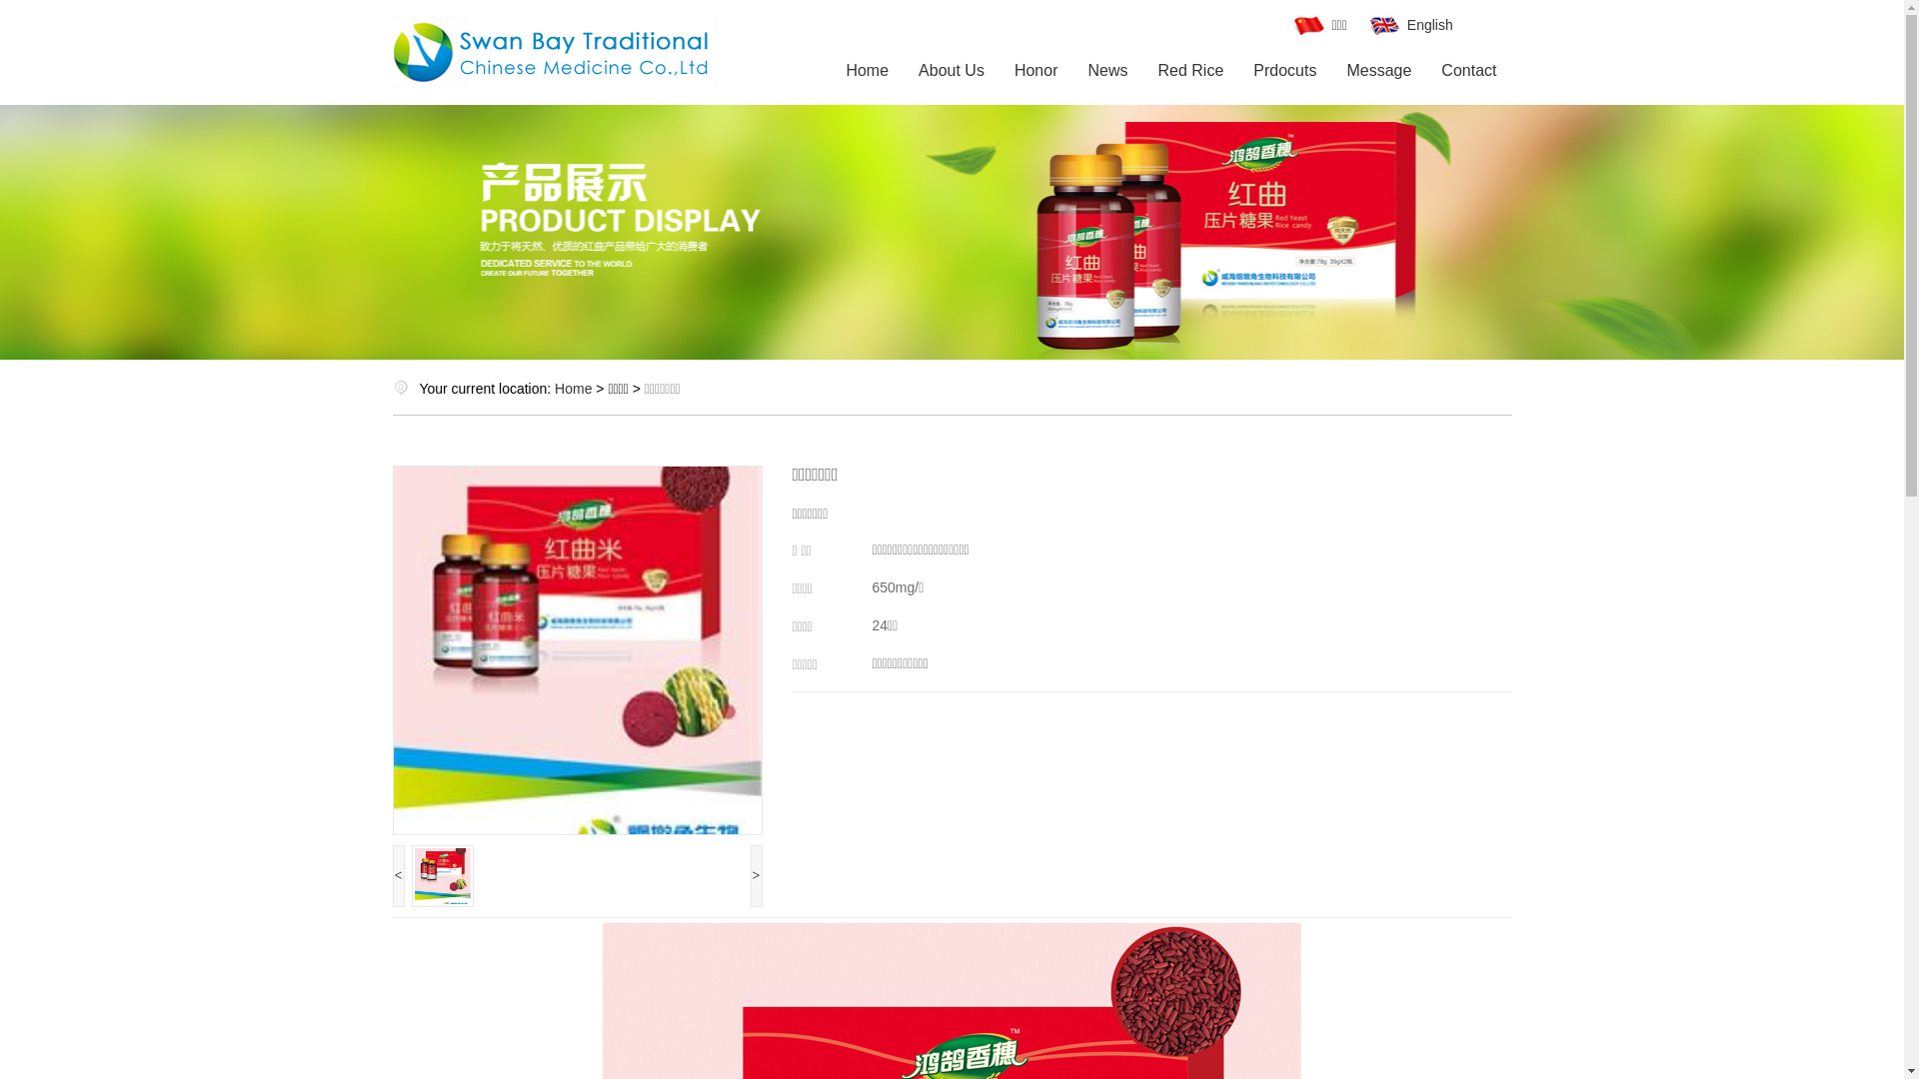 The height and width of the screenshot is (1079, 1919). Describe the element at coordinates (1189, 69) in the screenshot. I see `'Red Rice'` at that location.